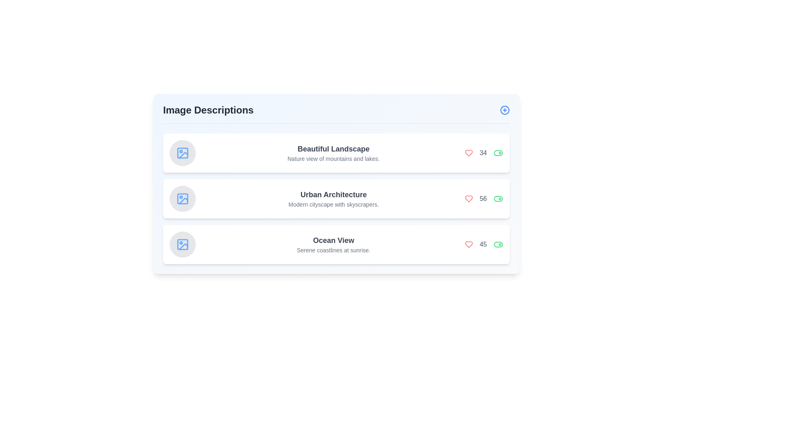 The width and height of the screenshot is (785, 441). I want to click on the item Ocean View in the list to highlight it, so click(336, 244).